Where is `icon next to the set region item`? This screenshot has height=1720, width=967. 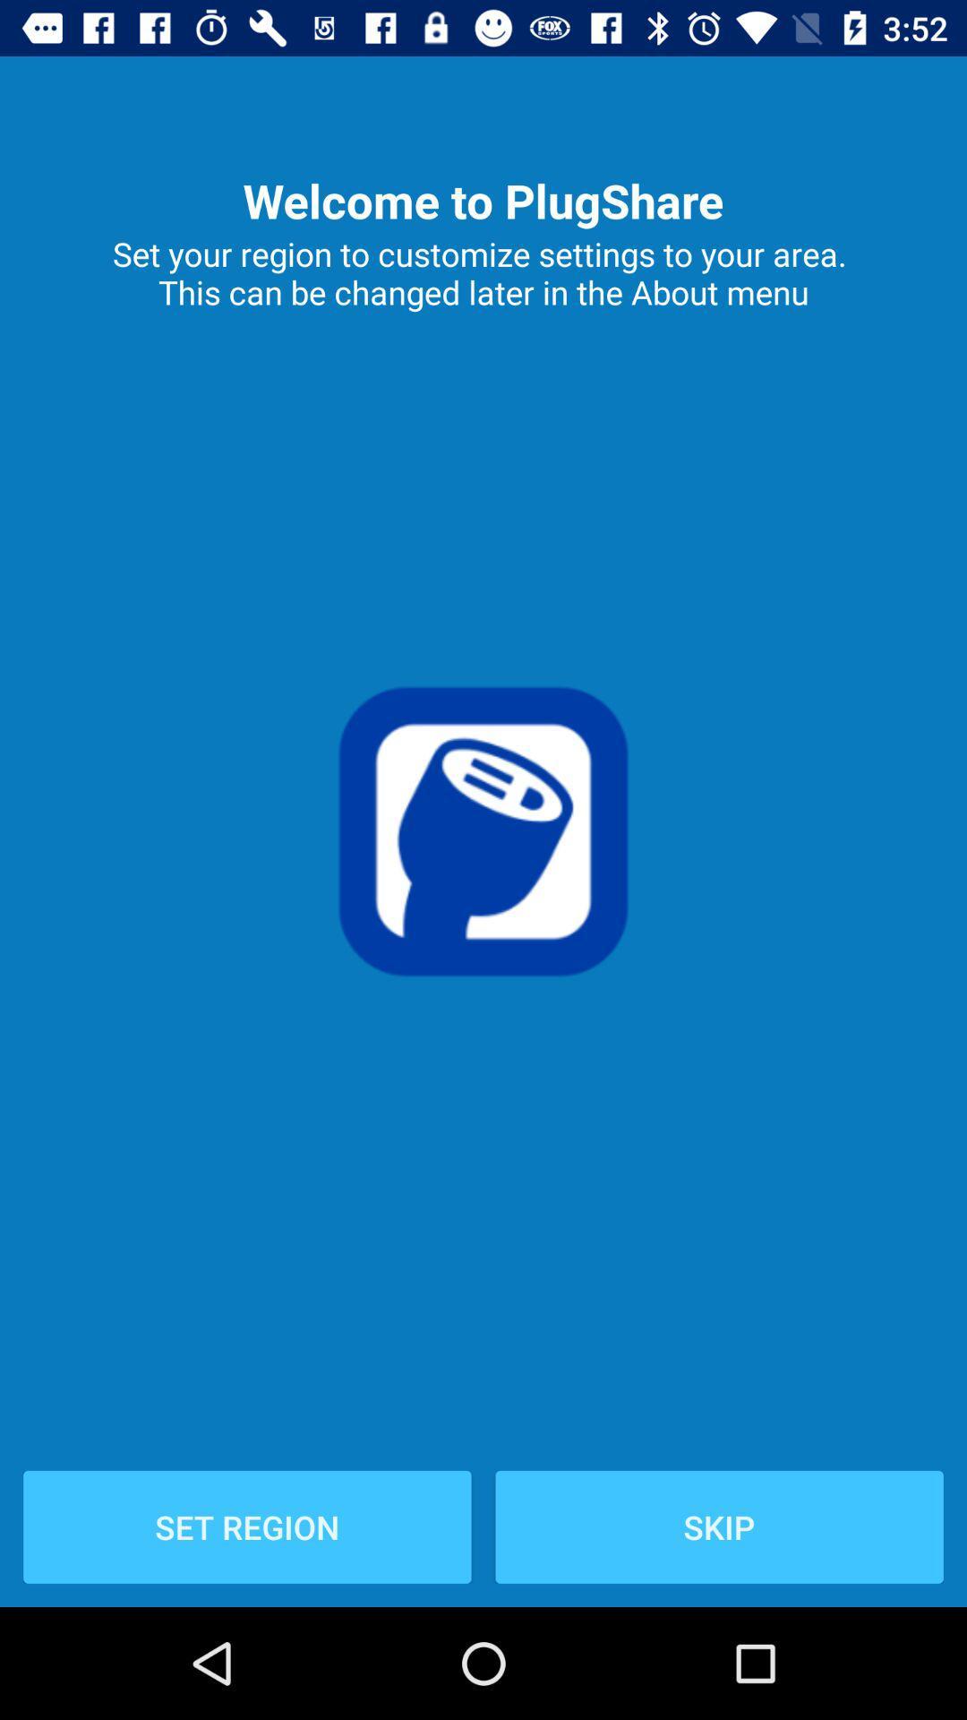
icon next to the set region item is located at coordinates (718, 1526).